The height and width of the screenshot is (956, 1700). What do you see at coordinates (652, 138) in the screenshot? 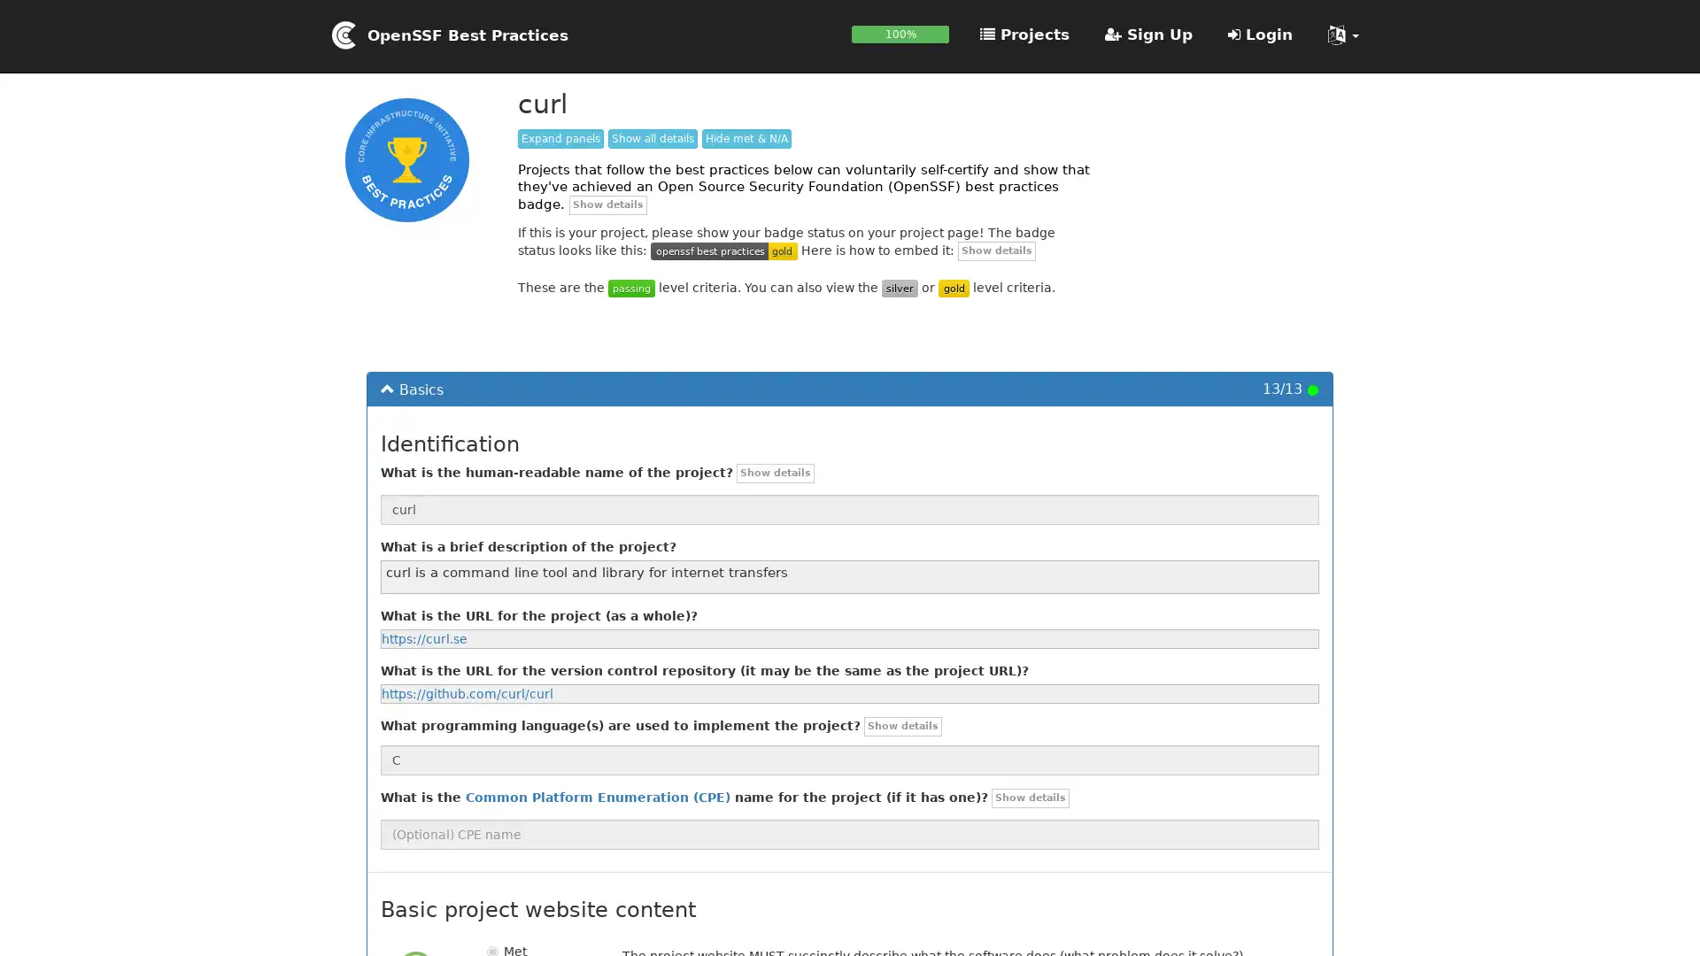
I see `Show all details` at bounding box center [652, 138].